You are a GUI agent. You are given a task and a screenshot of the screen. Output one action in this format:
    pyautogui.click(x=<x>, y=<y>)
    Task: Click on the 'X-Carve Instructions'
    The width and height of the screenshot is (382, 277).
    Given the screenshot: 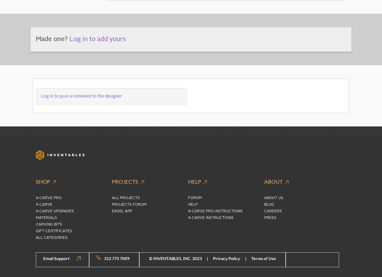 What is the action you would take?
    pyautogui.click(x=211, y=217)
    